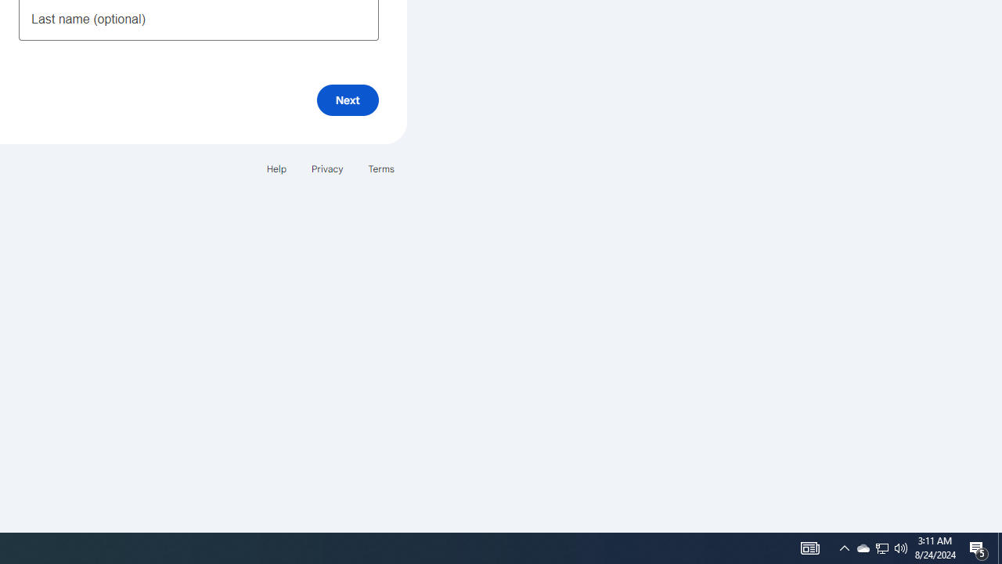 This screenshot has width=1002, height=564. What do you see at coordinates (381, 168) in the screenshot?
I see `'Terms'` at bounding box center [381, 168].